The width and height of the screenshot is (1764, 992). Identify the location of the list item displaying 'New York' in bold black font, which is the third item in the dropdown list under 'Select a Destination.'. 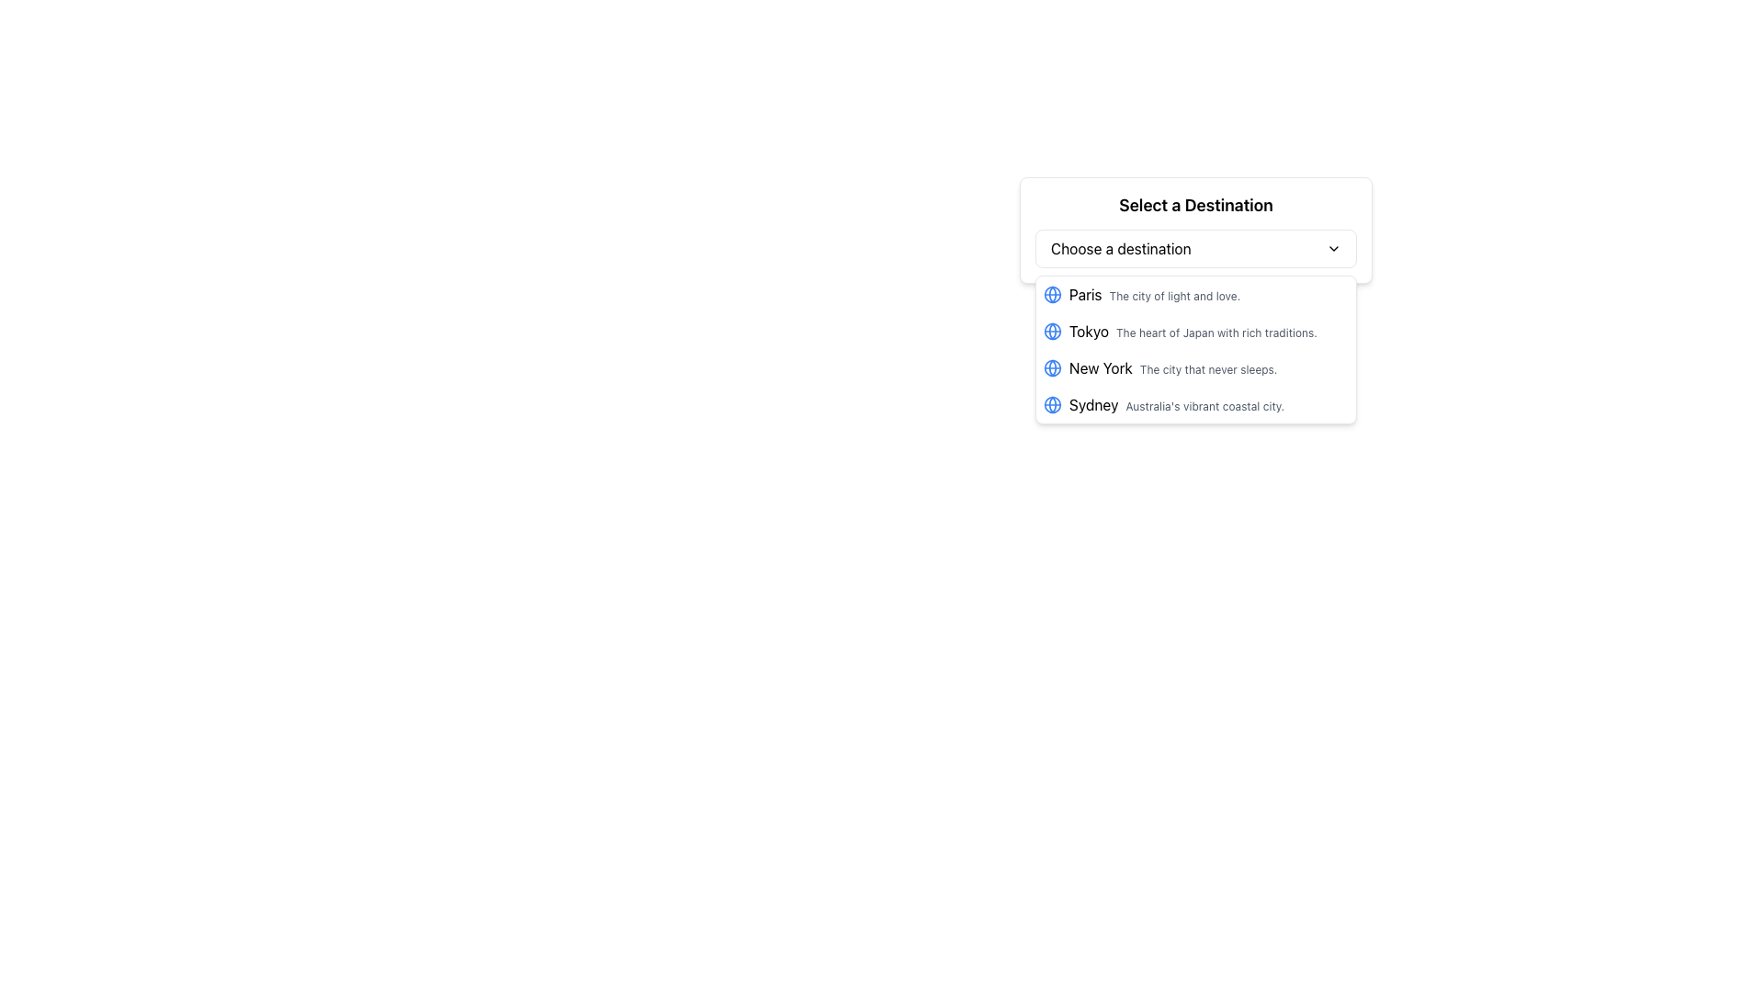
(1172, 368).